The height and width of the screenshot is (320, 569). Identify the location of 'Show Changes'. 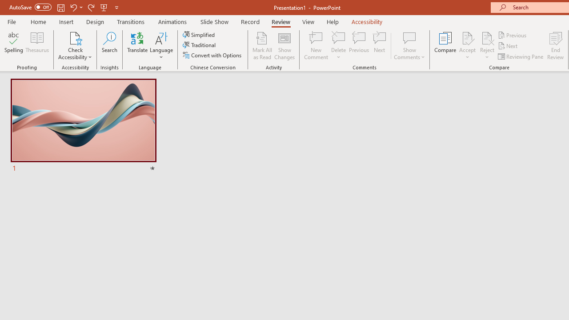
(284, 46).